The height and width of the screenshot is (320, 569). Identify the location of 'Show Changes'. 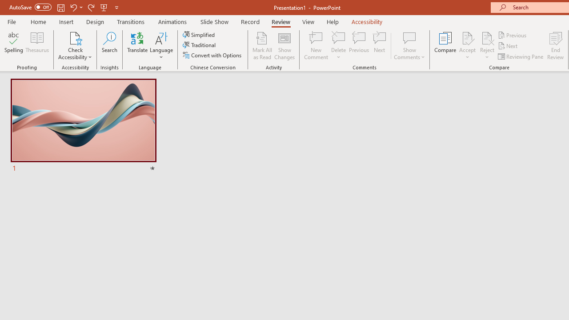
(284, 46).